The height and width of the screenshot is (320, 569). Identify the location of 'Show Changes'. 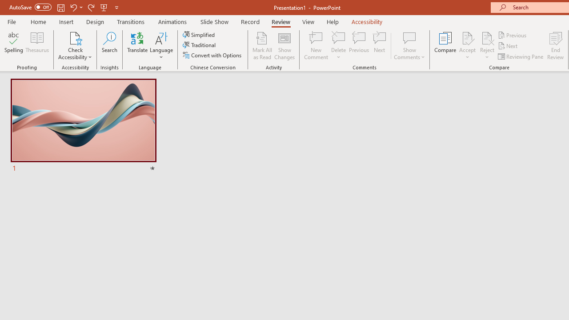
(284, 46).